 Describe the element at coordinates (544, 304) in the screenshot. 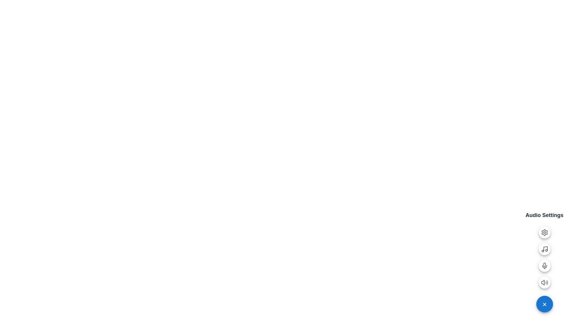

I see `the plus icon button, which is a white plus sign centered within a blue circular background, located at the bottom-right corner of the interface` at that location.